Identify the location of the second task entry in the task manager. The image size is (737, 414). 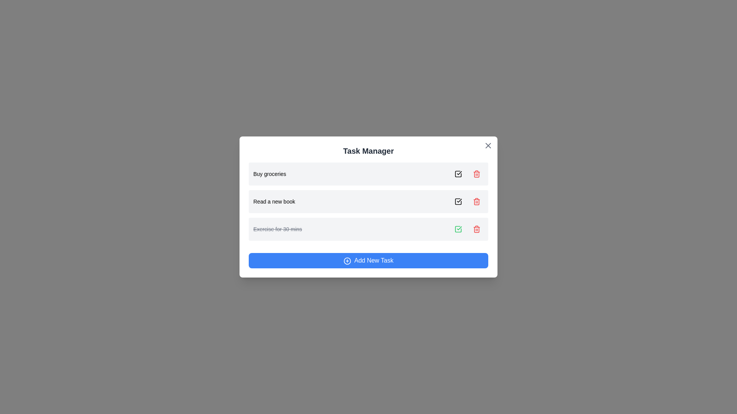
(368, 201).